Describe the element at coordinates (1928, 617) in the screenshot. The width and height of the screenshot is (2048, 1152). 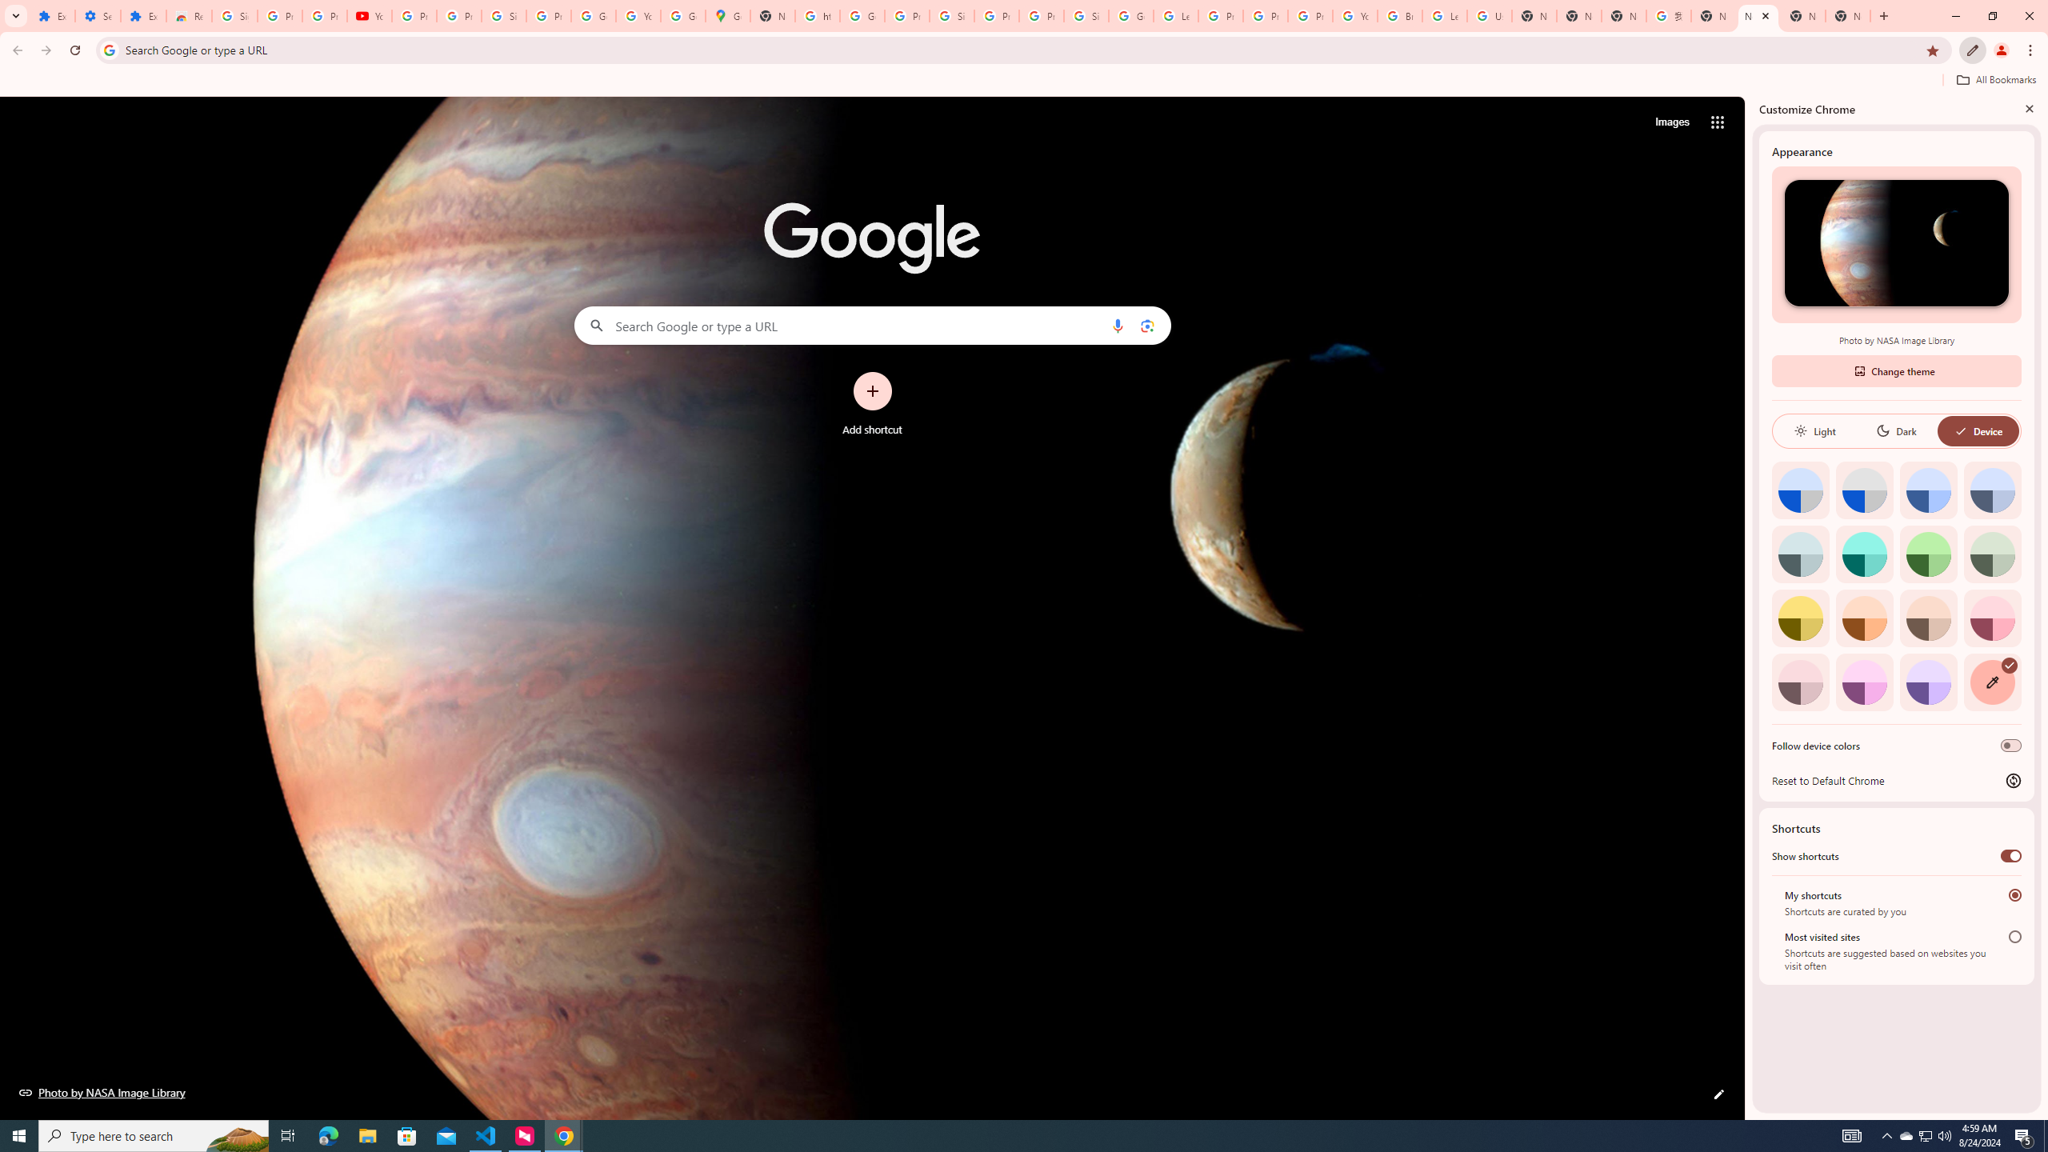
I see `'Apricot'` at that location.